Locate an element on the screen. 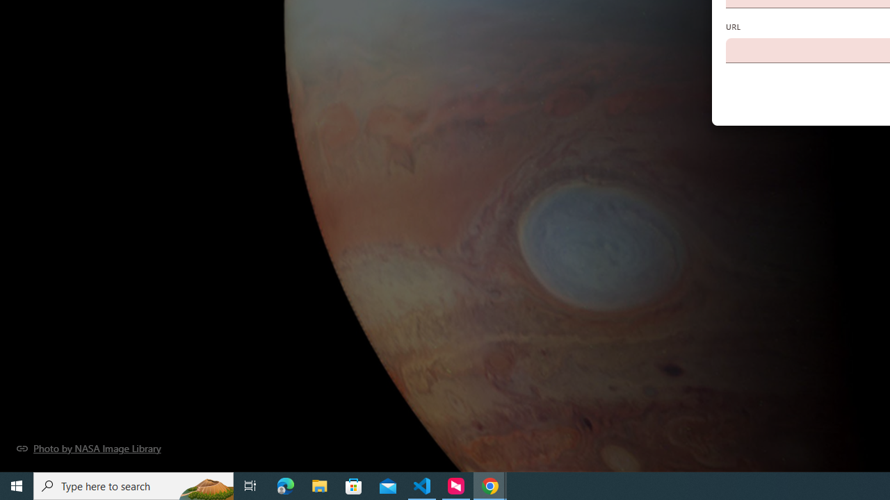  'Search highlights icon opens search home window' is located at coordinates (204, 485).